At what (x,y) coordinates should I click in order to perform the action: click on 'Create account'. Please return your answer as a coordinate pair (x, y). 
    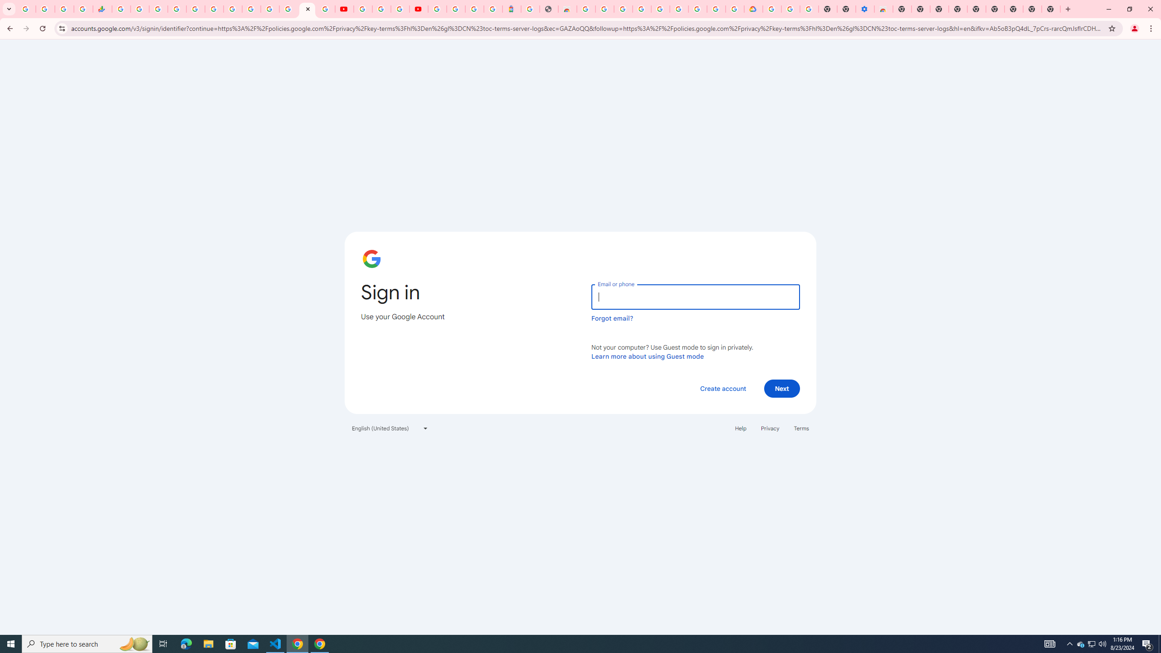
    Looking at the image, I should click on (722, 388).